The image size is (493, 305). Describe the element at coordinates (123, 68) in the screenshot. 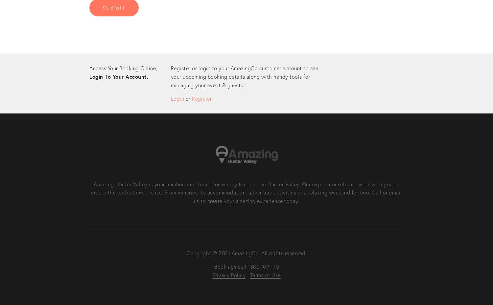

I see `'Access Your Booking Online,'` at that location.